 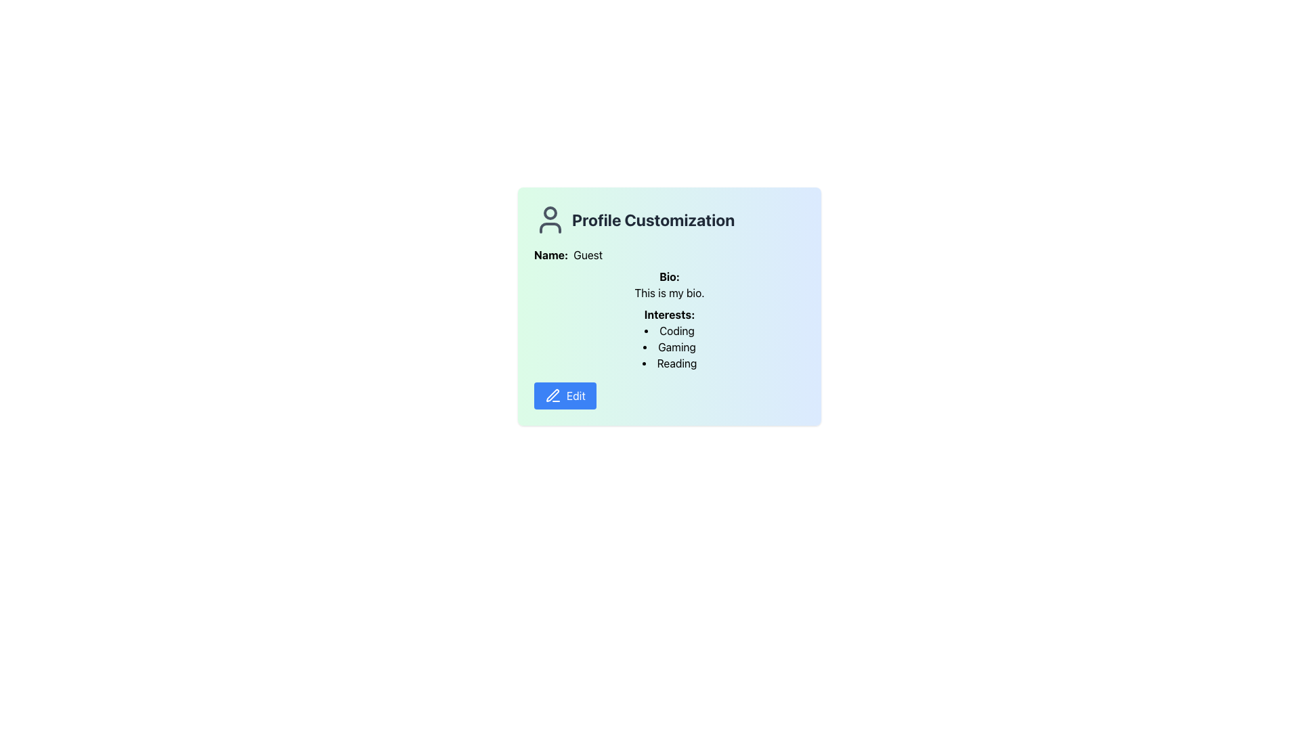 I want to click on the text label within the 'Edit' button located at the bottom left corner of the profile card section, which indicates its purpose for modifying profile content, so click(x=576, y=396).